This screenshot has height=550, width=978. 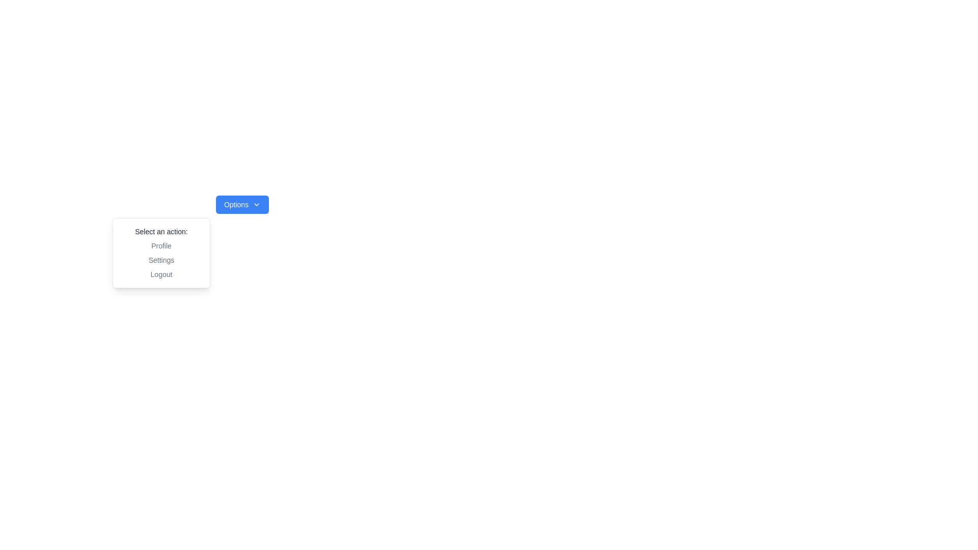 I want to click on the Text Label that provides context for the dropdown menu options 'Profile,' 'Settings,' and 'Logout.', so click(x=160, y=232).